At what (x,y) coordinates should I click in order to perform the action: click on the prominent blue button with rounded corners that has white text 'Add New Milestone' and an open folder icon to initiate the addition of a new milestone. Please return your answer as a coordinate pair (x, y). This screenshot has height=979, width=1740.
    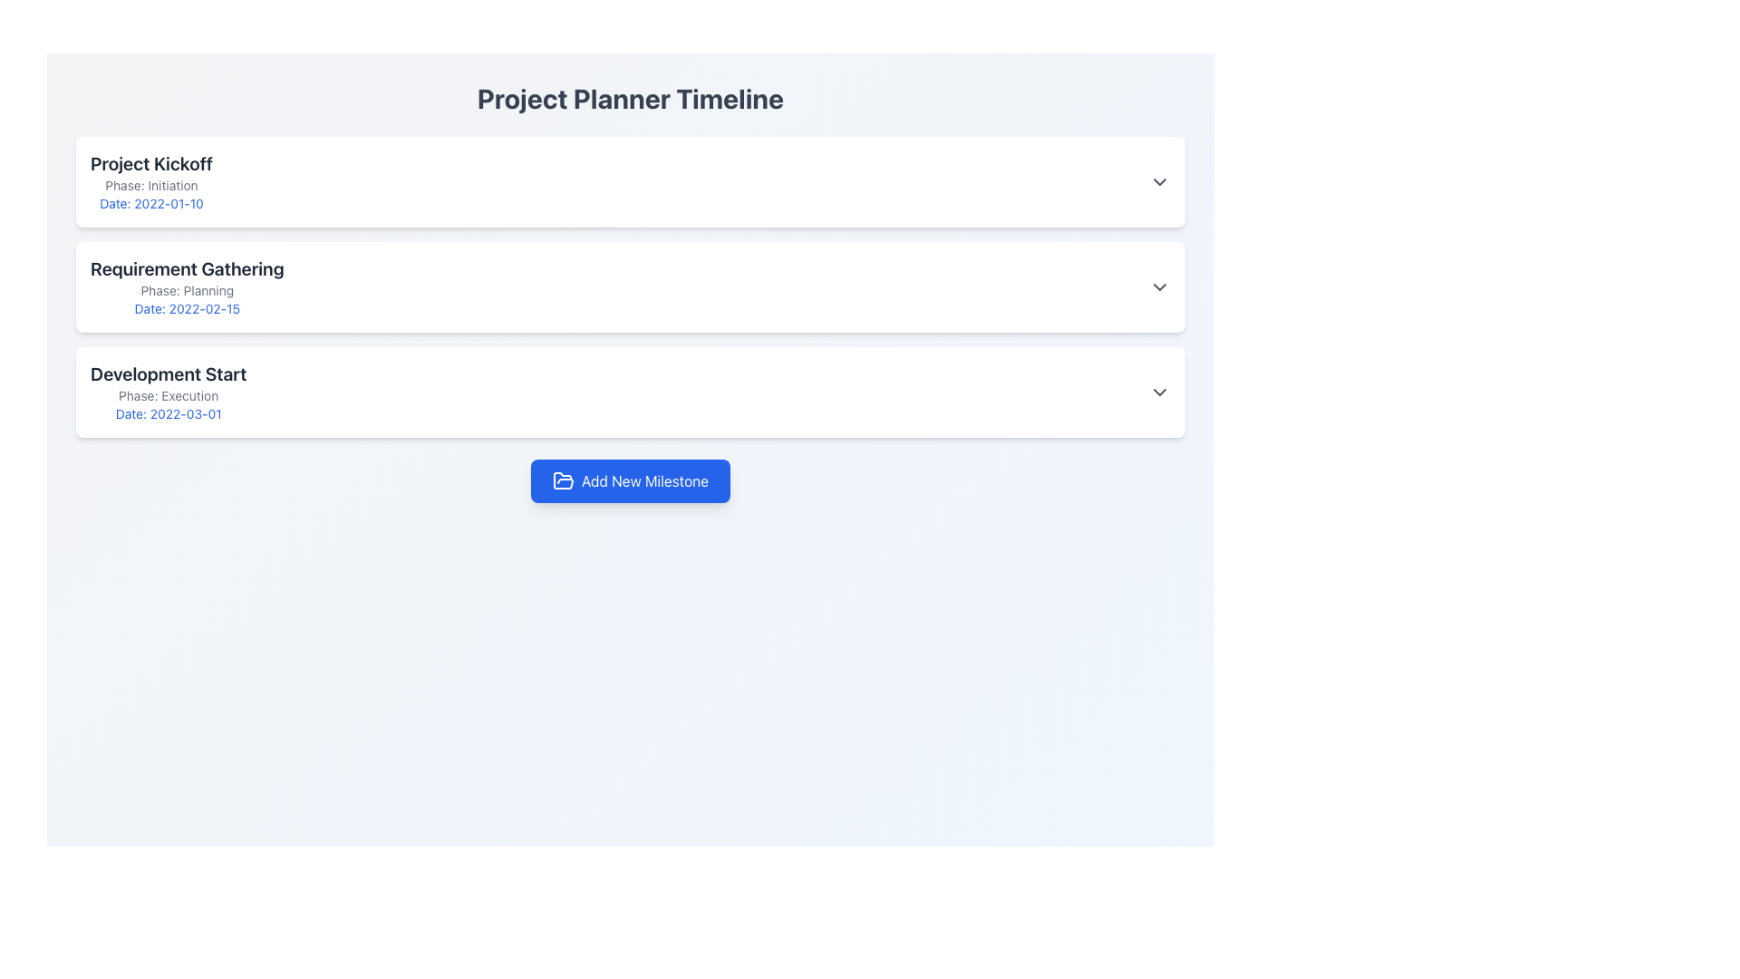
    Looking at the image, I should click on (631, 480).